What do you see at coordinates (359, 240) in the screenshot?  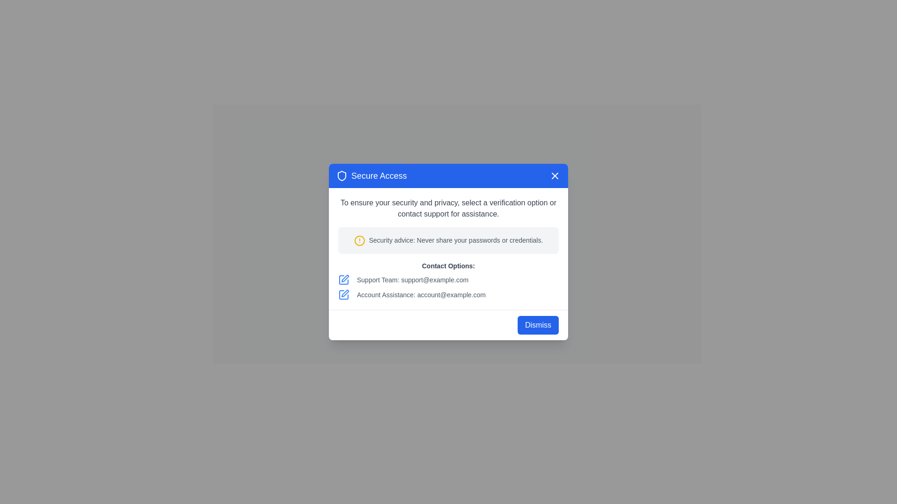 I see `the small circular icon component that is part of the visual warning symbol near the top left of the 'Secure Access' modal, adjacent to the 'Security advice' text` at bounding box center [359, 240].